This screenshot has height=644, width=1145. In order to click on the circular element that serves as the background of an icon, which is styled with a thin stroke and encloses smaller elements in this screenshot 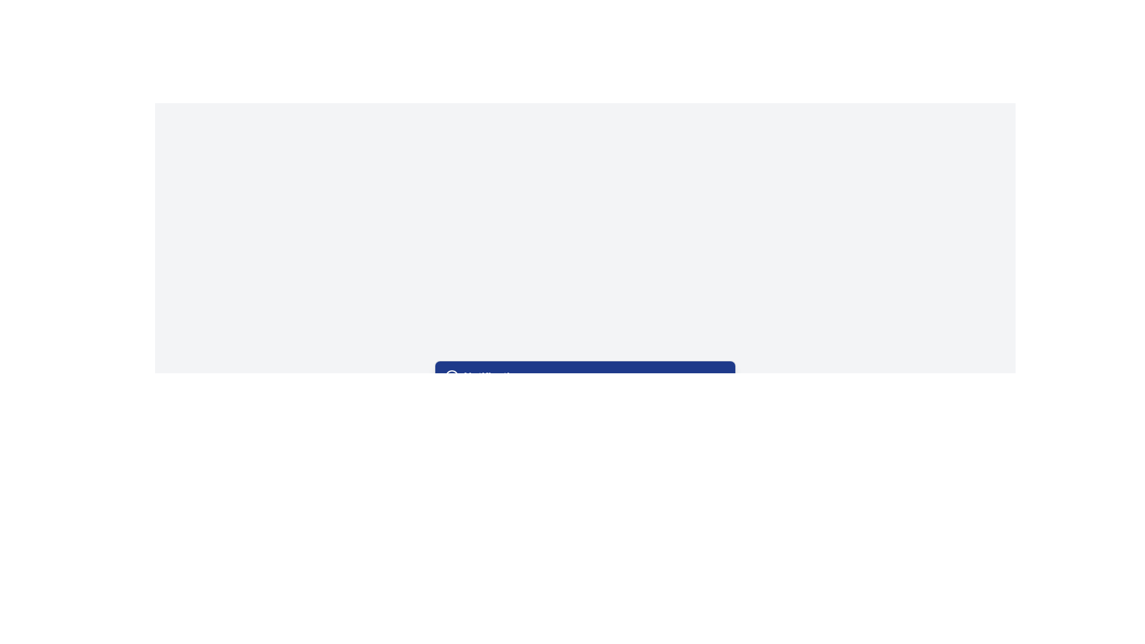, I will do `click(451, 376)`.